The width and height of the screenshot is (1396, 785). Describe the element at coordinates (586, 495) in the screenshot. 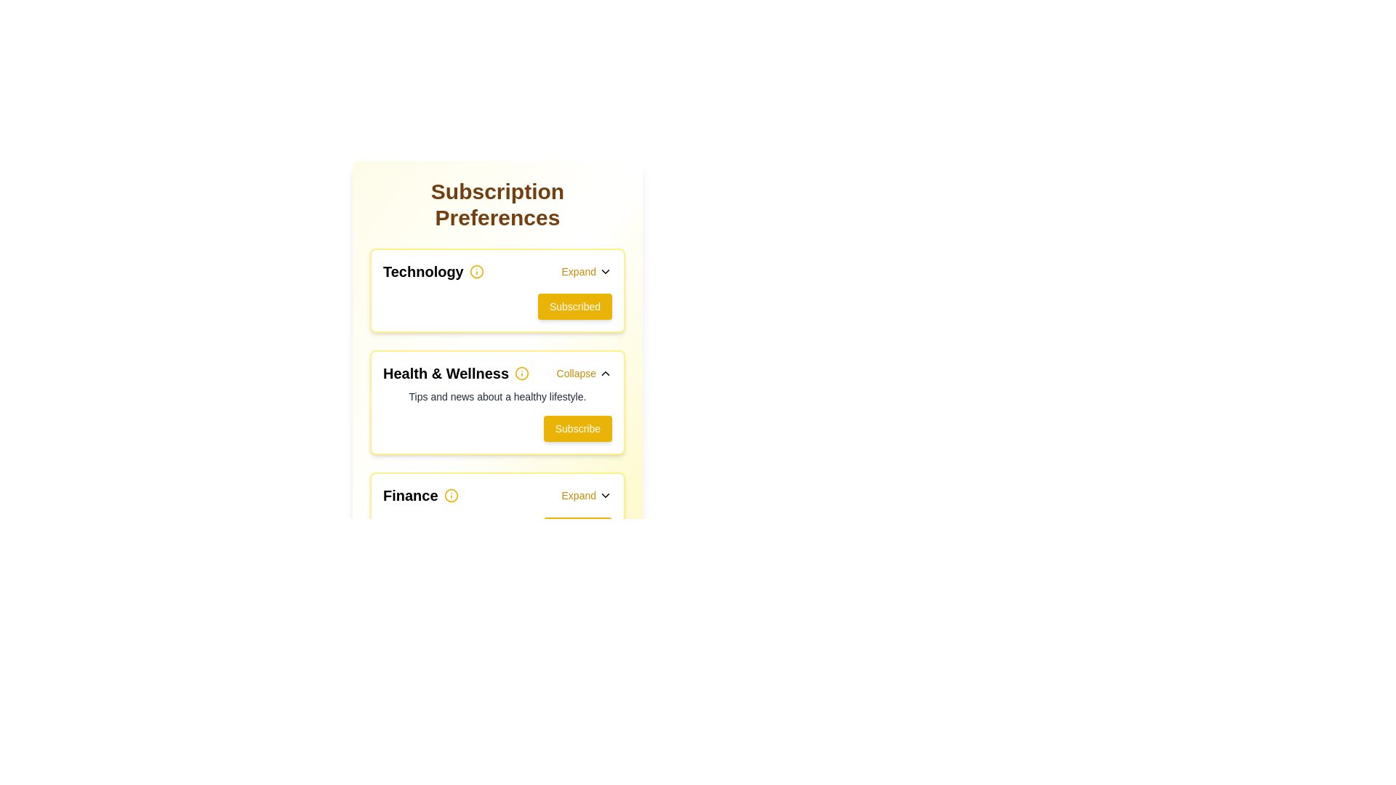

I see `the button at the far right of the 'Finance' section` at that location.